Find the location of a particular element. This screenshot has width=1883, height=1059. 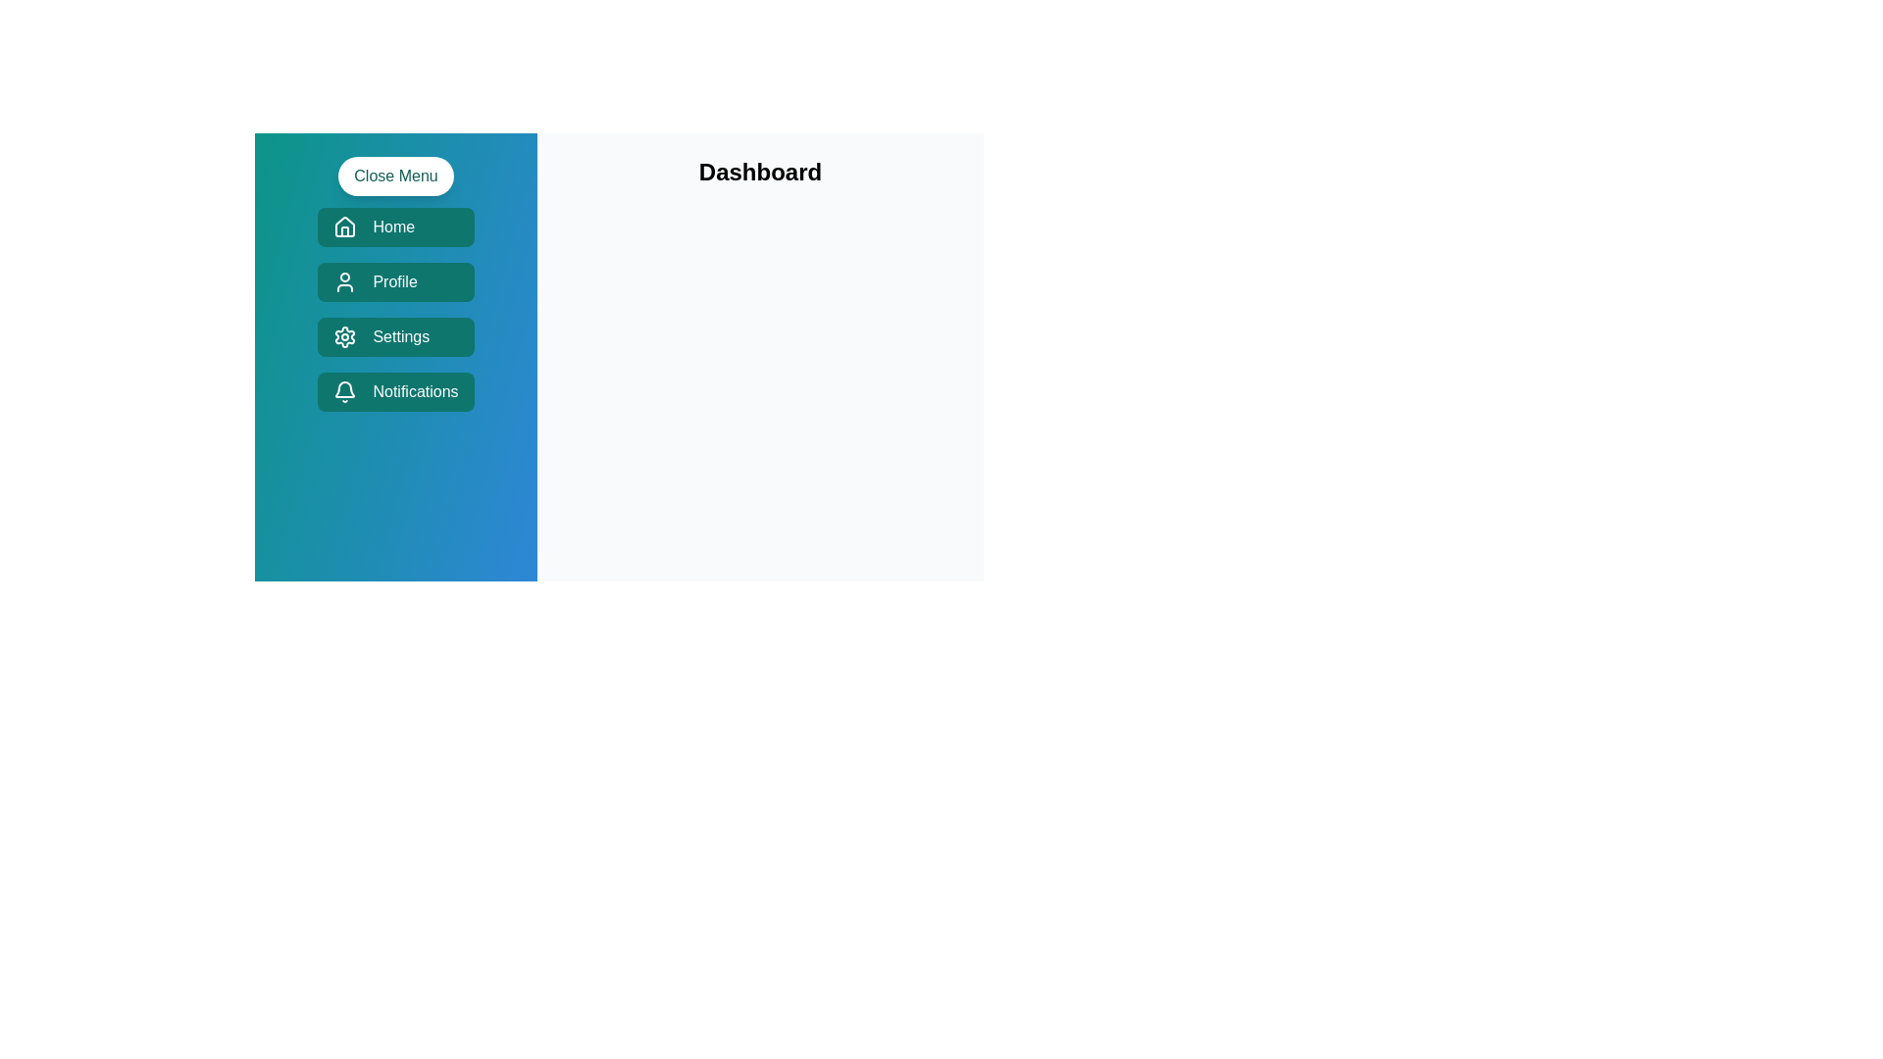

the 'Home' navigation icon located in the leftmost vertical navigation menu of the application, which is visually represented by a rounded rectangular teal button containing the text 'Home' is located at coordinates (345, 226).